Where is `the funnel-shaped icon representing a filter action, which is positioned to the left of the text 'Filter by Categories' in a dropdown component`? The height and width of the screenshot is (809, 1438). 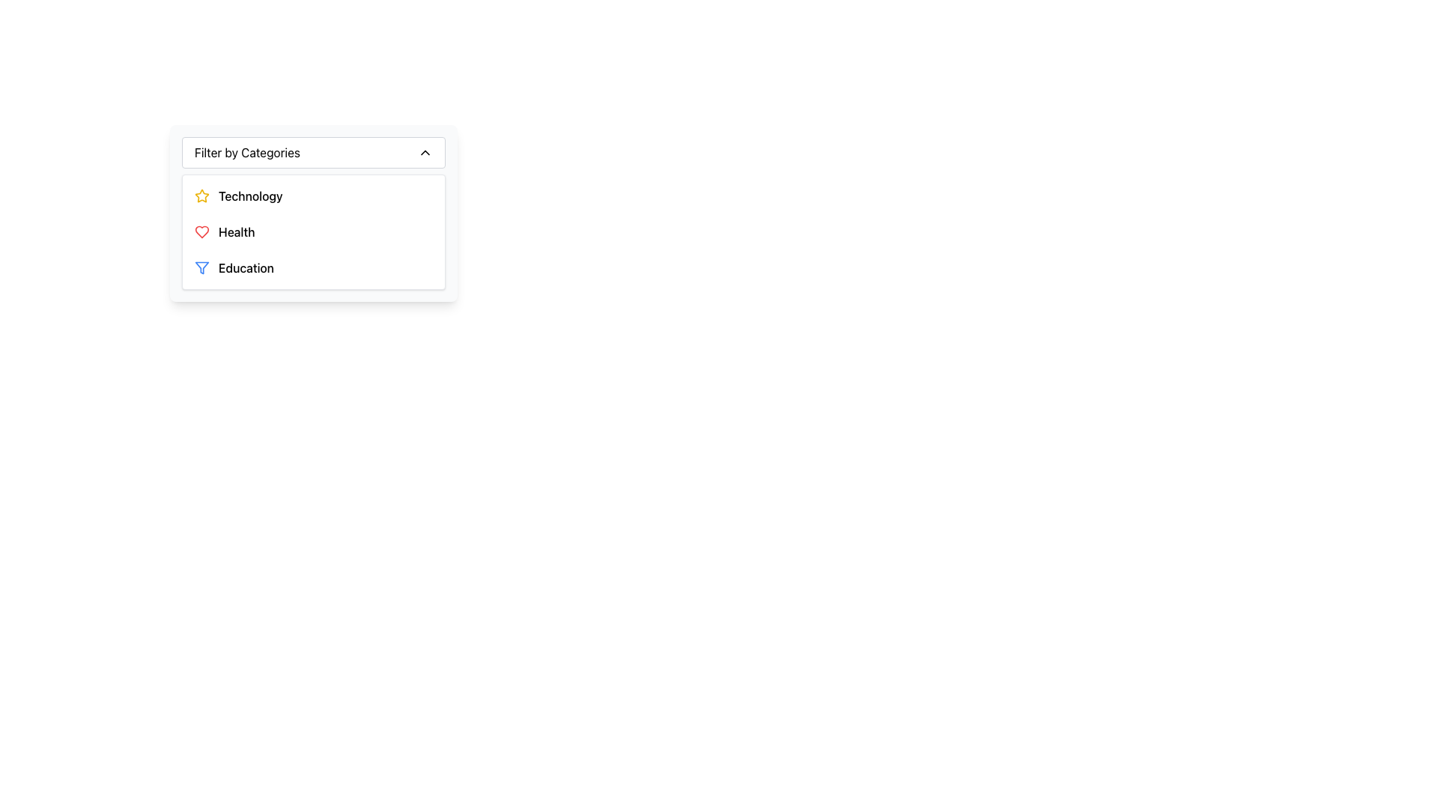
the funnel-shaped icon representing a filter action, which is positioned to the left of the text 'Filter by Categories' in a dropdown component is located at coordinates (201, 267).